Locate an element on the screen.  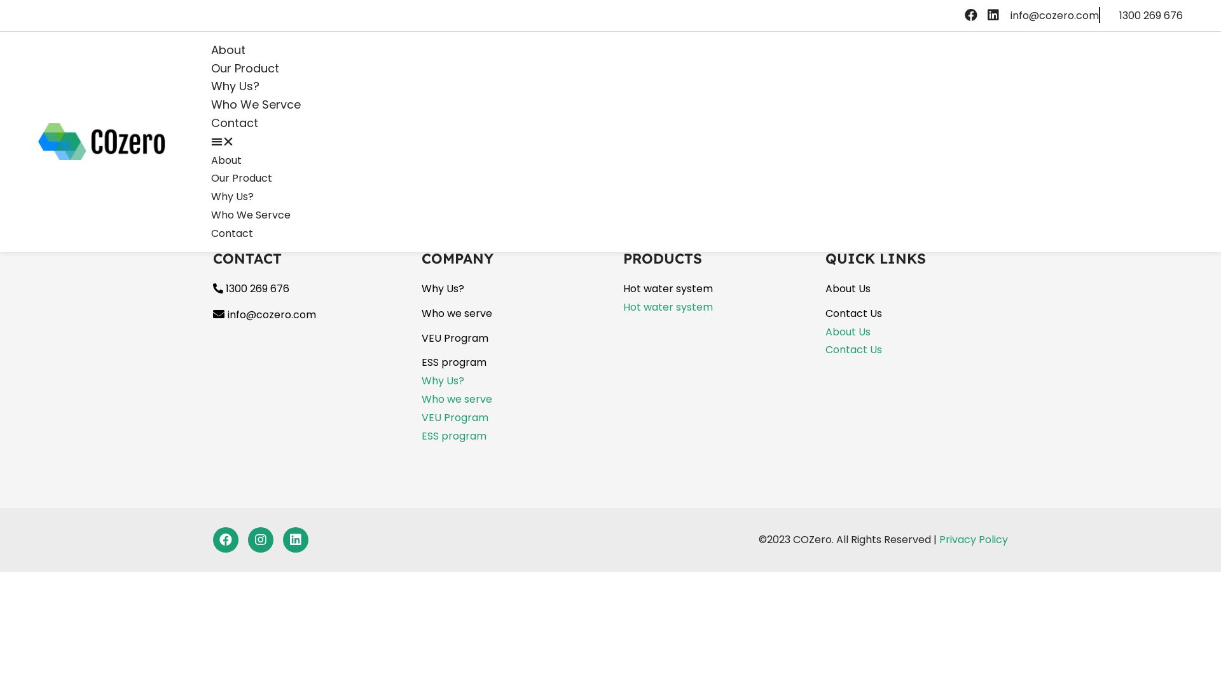
'Who we serve' is located at coordinates (456, 398).